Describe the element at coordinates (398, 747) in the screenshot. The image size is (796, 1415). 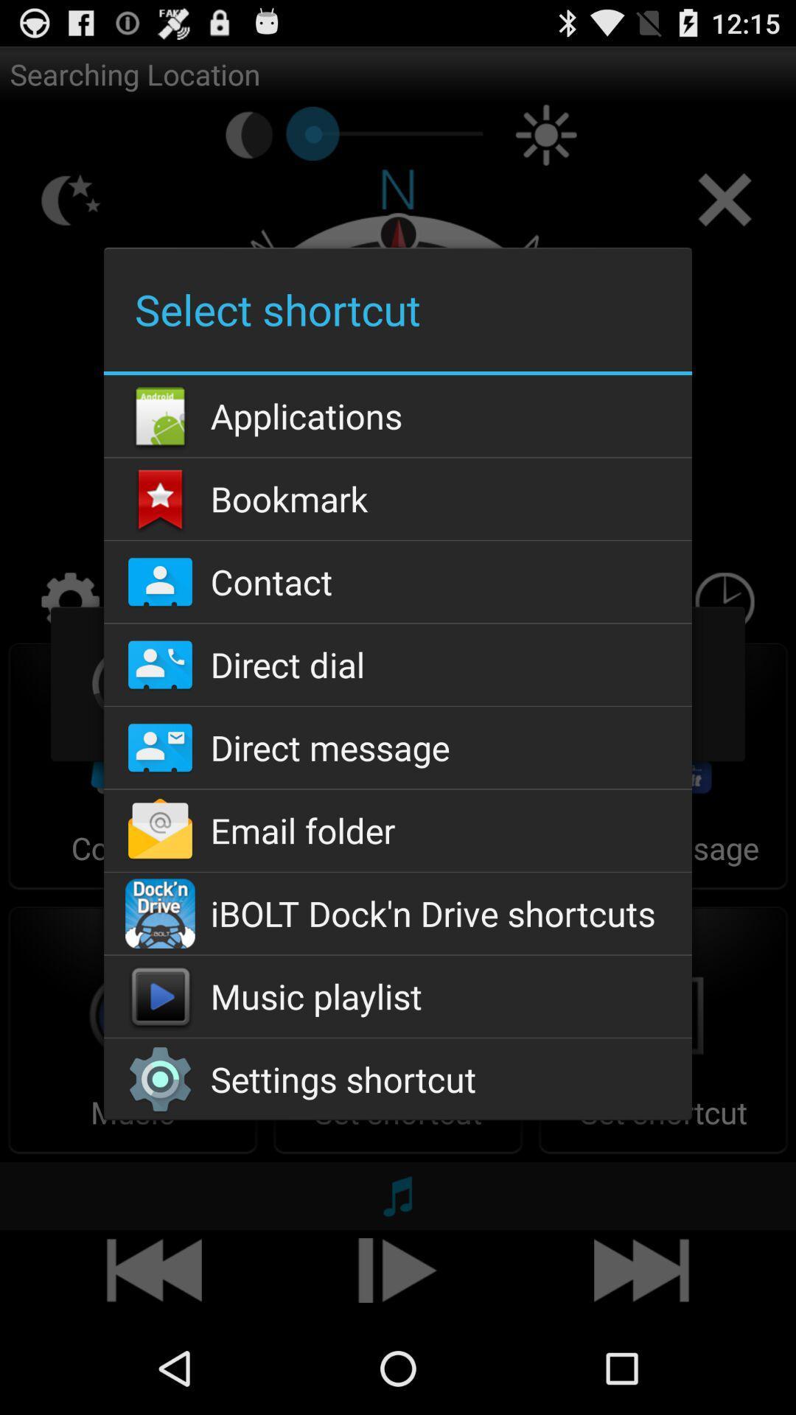
I see `icon above the email folder app` at that location.